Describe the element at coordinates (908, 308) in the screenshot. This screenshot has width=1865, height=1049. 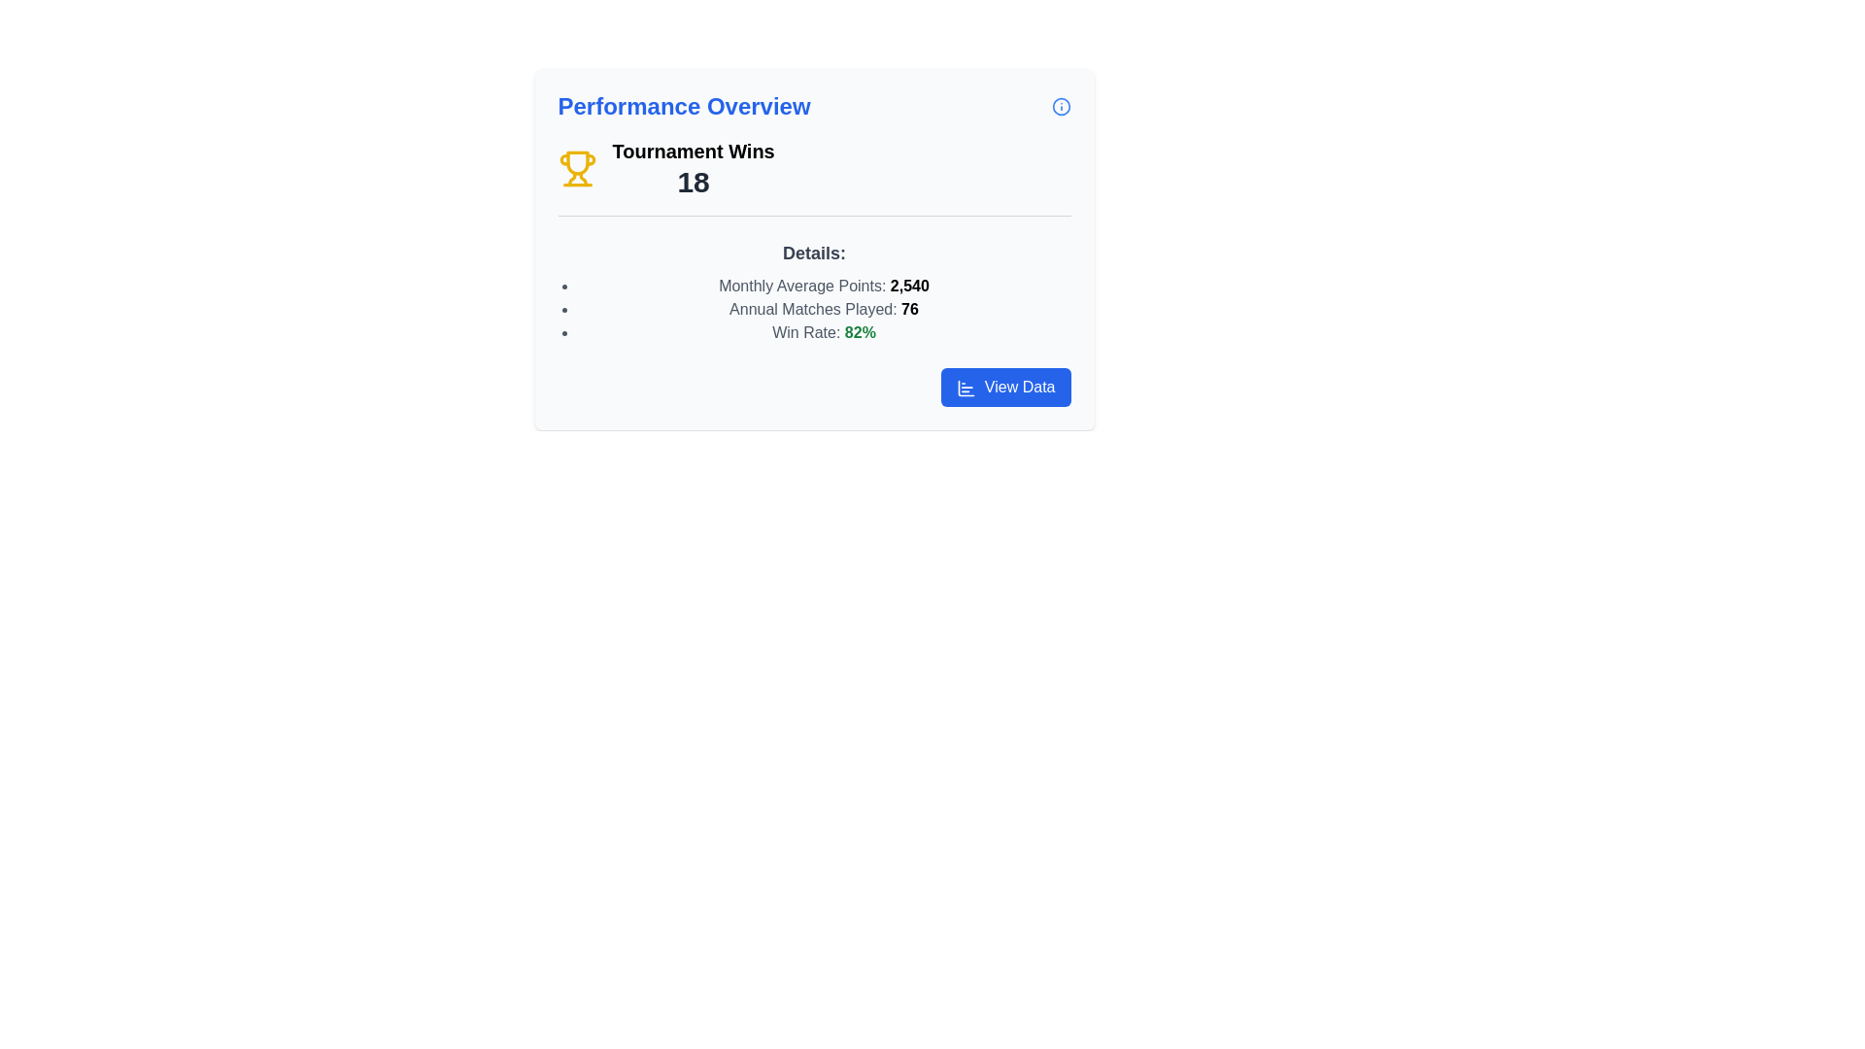
I see `the bold numeric text displaying '76' in the 'Annual Matches Played' information within the 'Details' section of the performance overview card` at that location.